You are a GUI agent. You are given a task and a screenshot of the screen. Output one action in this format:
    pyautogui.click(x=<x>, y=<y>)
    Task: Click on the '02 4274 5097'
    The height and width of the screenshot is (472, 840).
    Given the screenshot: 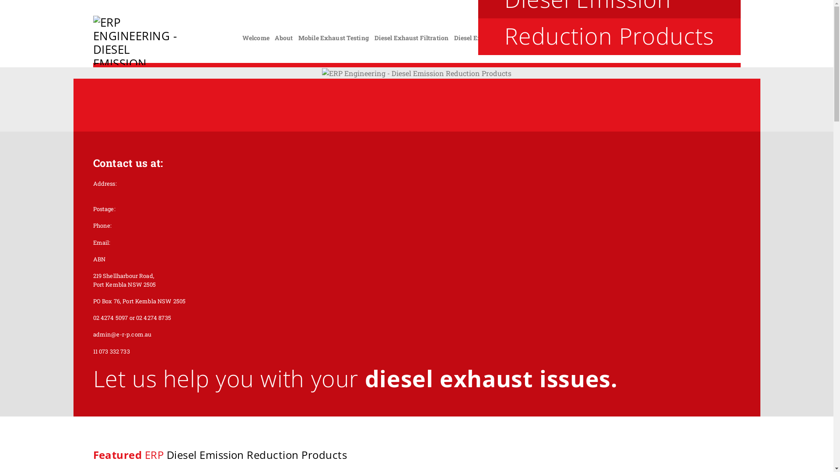 What is the action you would take?
    pyautogui.click(x=713, y=21)
    